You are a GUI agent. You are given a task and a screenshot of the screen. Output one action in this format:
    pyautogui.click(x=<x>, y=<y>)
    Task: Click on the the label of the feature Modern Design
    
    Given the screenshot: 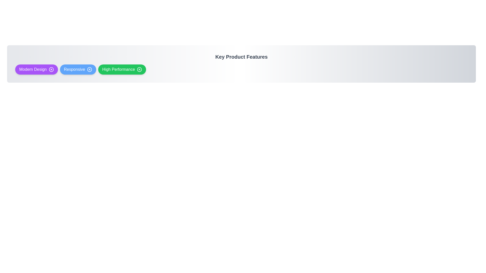 What is the action you would take?
    pyautogui.click(x=33, y=69)
    